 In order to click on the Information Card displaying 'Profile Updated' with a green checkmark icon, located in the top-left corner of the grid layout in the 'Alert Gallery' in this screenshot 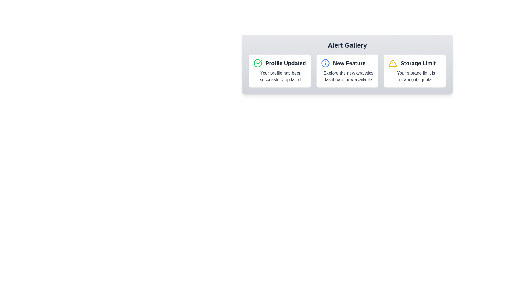, I will do `click(280, 70)`.